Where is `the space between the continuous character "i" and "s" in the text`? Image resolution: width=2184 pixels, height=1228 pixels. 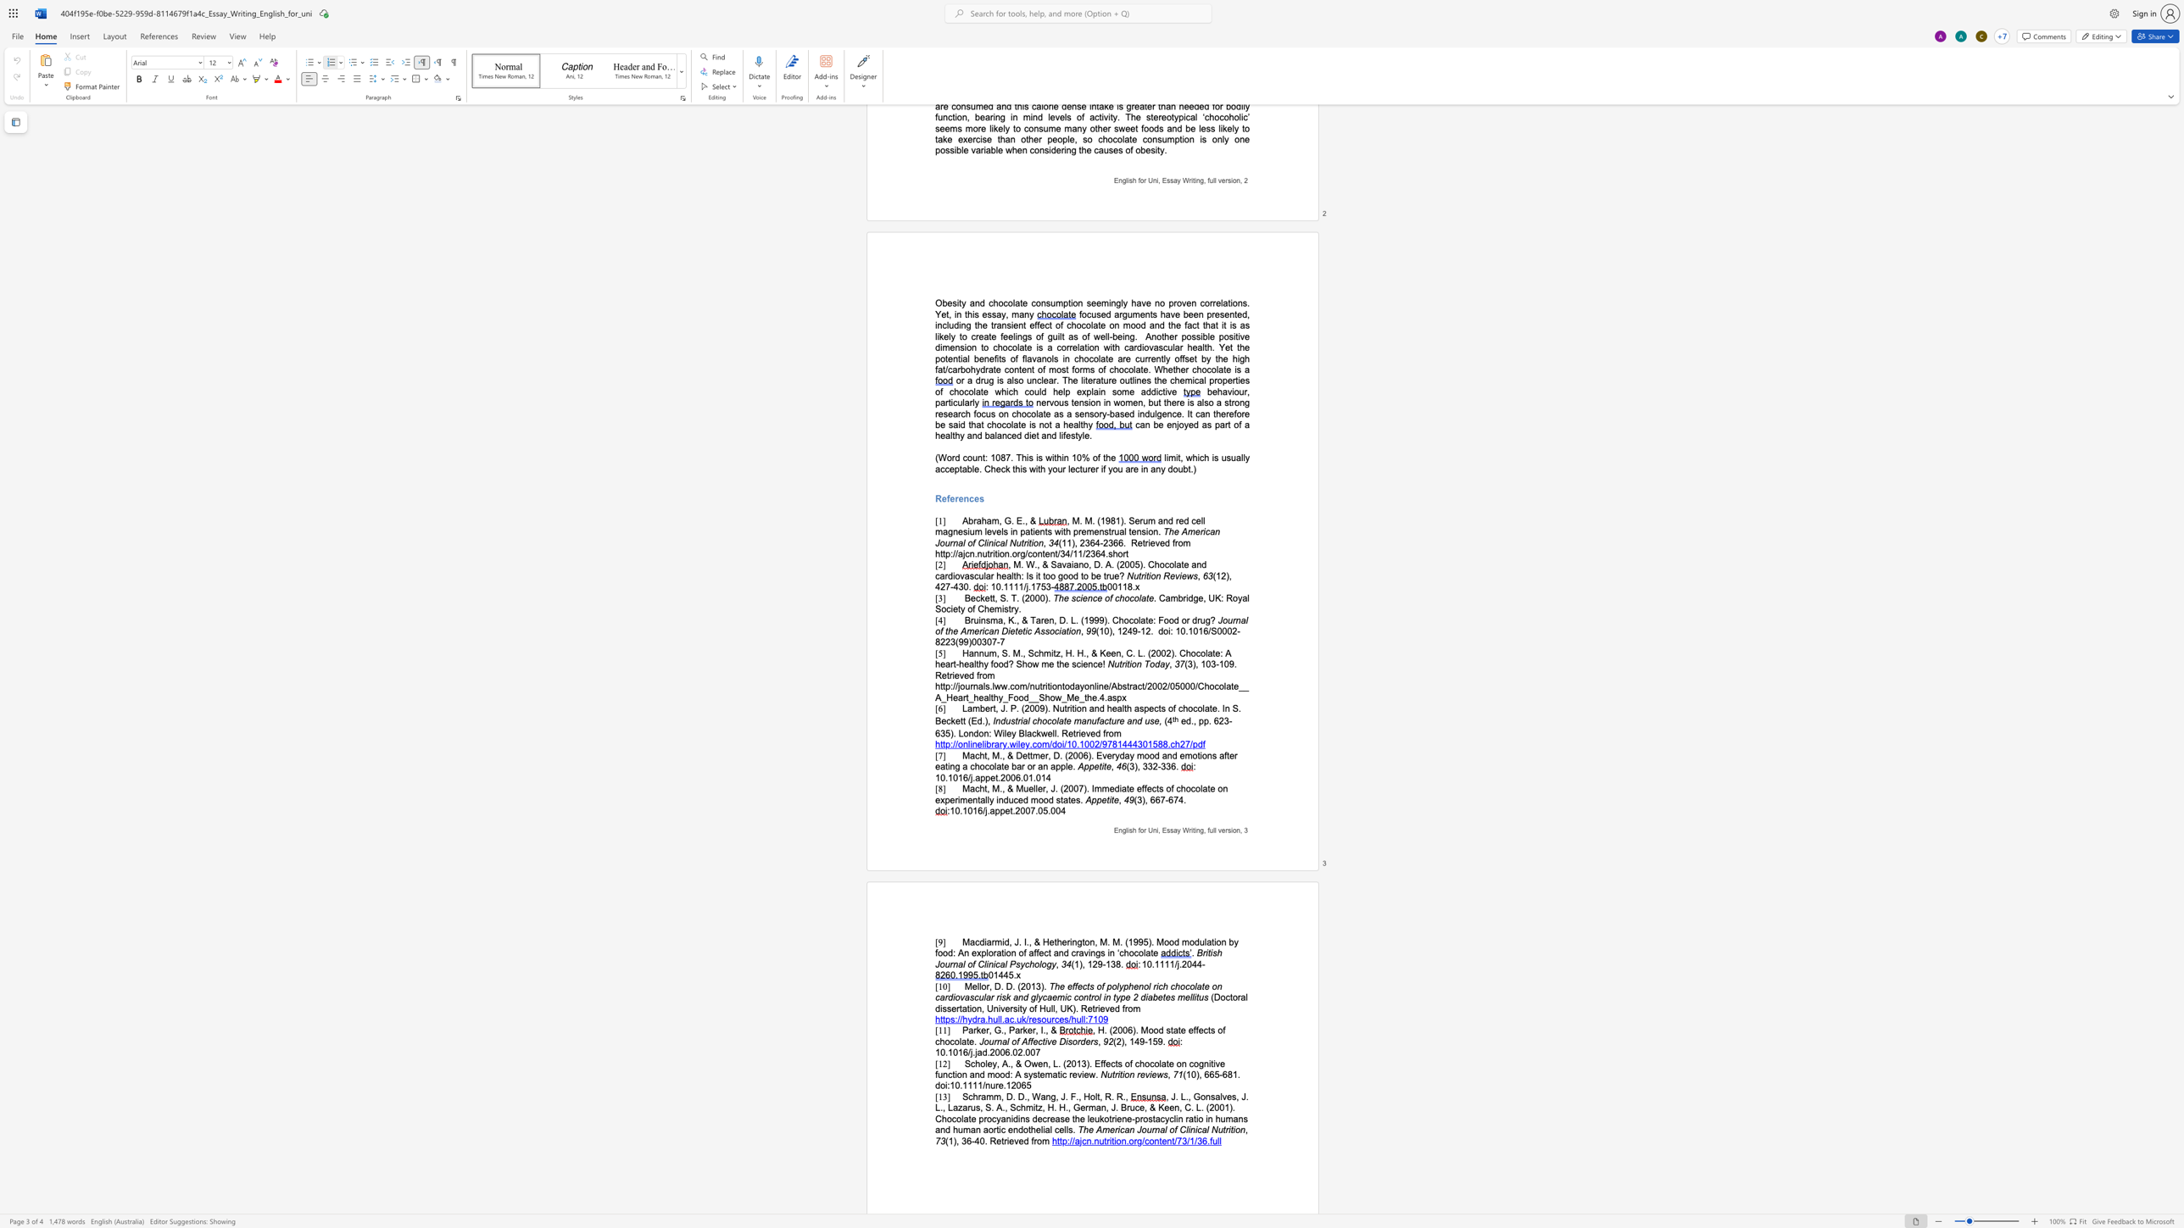
the space between the continuous character "i" and "s" in the text is located at coordinates (1213, 953).